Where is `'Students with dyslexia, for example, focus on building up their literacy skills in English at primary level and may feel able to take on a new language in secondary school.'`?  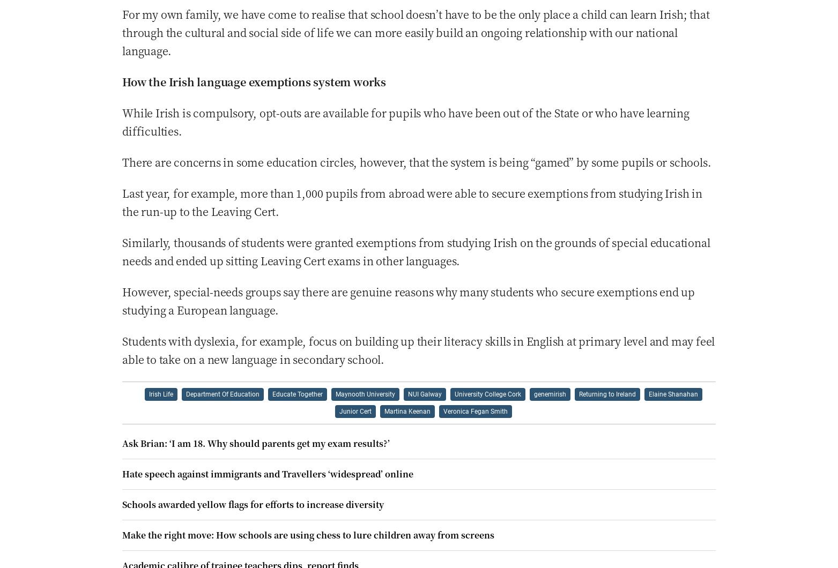 'Students with dyslexia, for example, focus on building up their literacy skills in English at primary level and may feel able to take on a new language in secondary school.' is located at coordinates (418, 349).